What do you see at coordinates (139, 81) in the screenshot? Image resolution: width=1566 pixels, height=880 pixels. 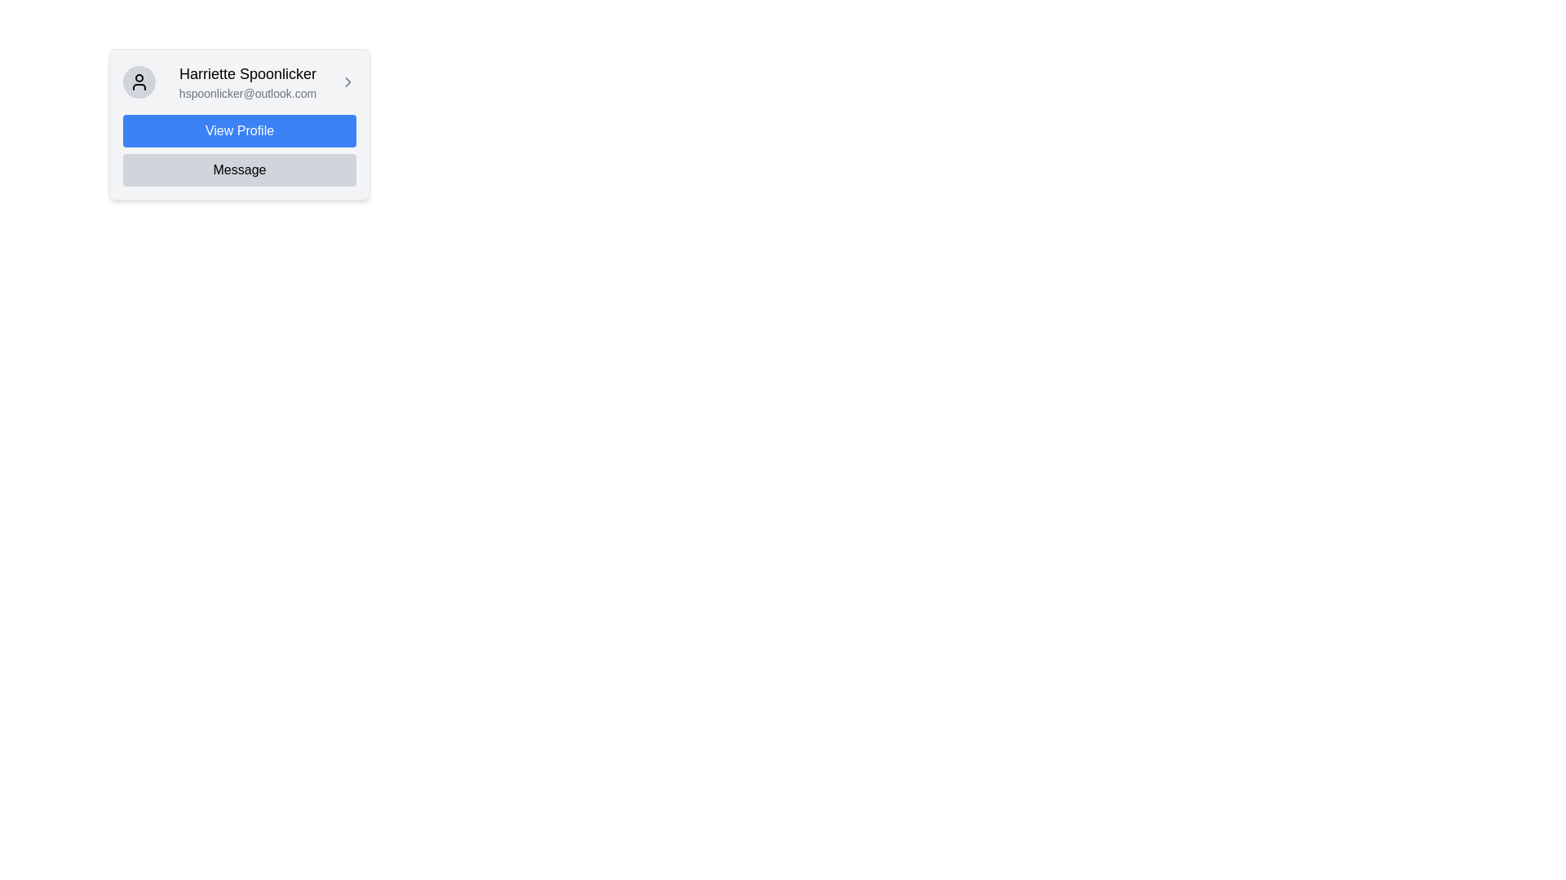 I see `the circular profile icon, which features a light gray background and a minimalistic black user profile representation, located at the top left of the user's details` at bounding box center [139, 81].